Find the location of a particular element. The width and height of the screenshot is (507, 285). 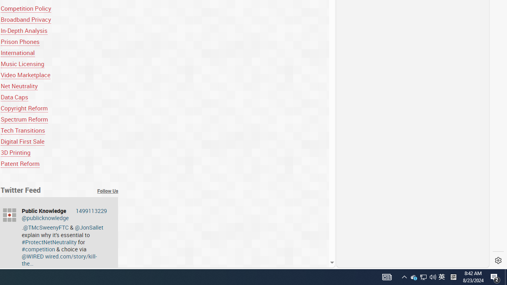

'Copyright Reform' is located at coordinates (24, 108).